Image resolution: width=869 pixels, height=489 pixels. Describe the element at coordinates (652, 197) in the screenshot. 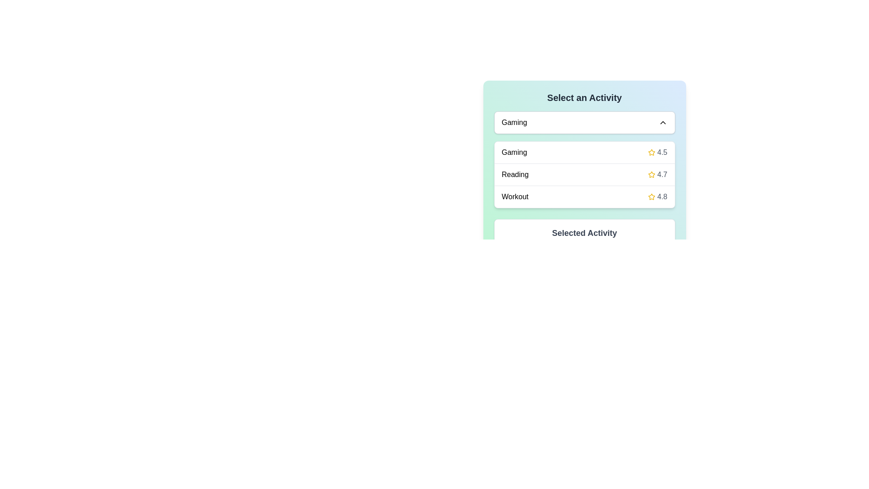

I see `the star rating icon representing a 4.8 rating for the 'Workout' activity in the activity selection menu` at that location.